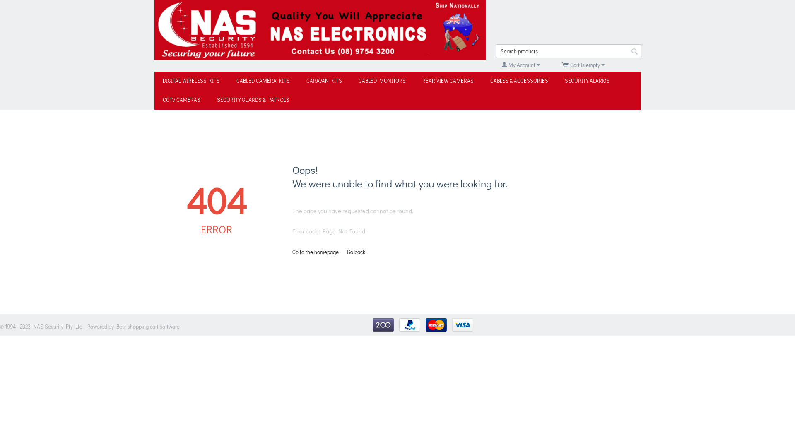  What do you see at coordinates (587, 81) in the screenshot?
I see `'SECURITY ALARMS'` at bounding box center [587, 81].